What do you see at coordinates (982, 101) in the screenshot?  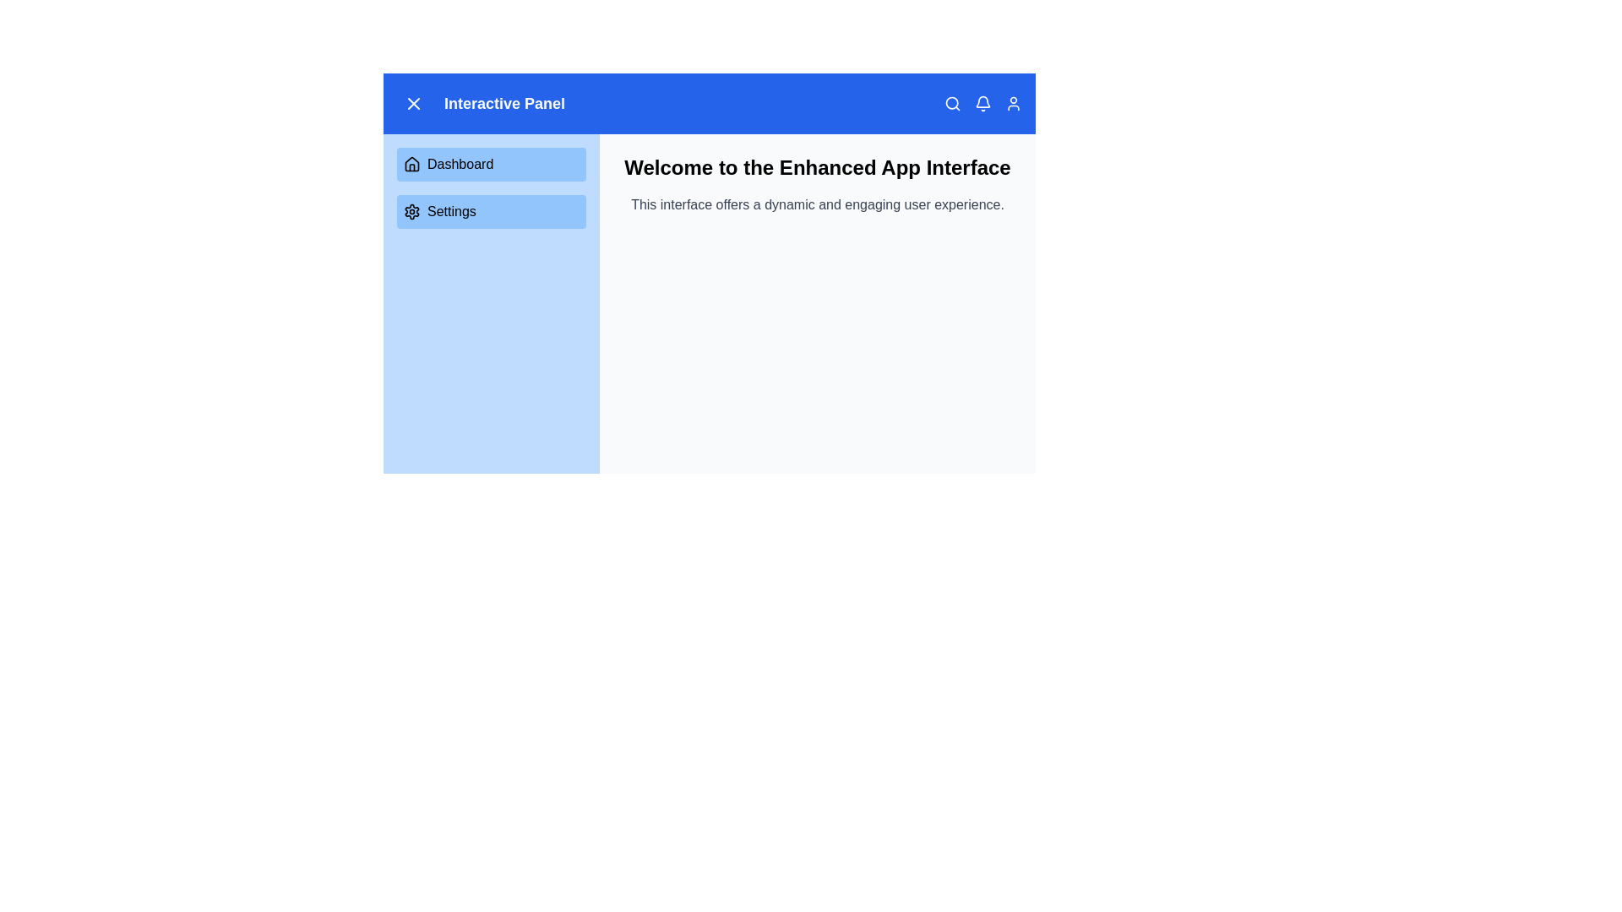 I see `the bell icon located in the top-right corner of the application's header bar, adjacent to the search and user profile icons` at bounding box center [982, 101].